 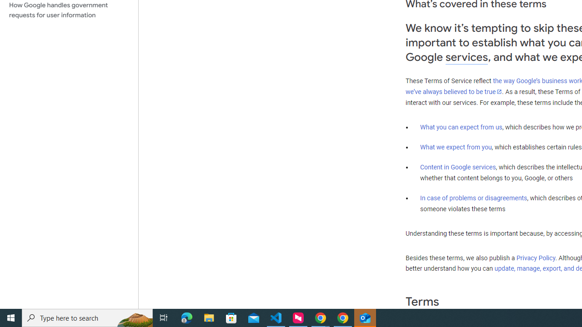 I want to click on 'Content in Google services', so click(x=458, y=167).